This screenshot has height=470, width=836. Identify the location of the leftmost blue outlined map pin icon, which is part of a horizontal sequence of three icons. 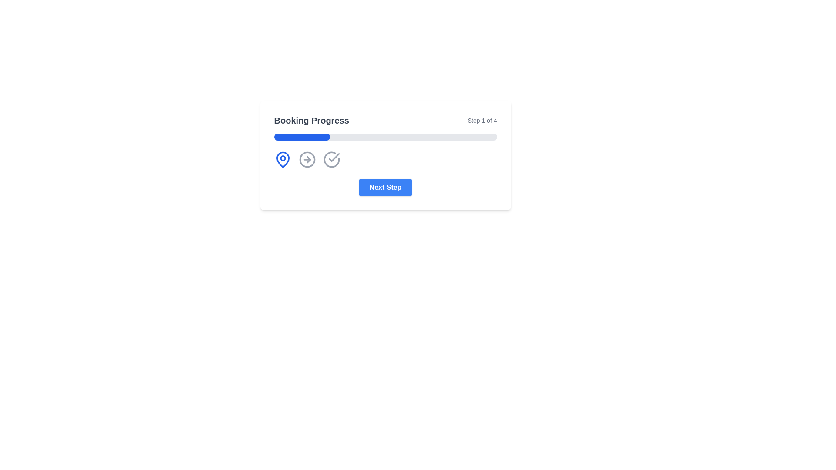
(283, 159).